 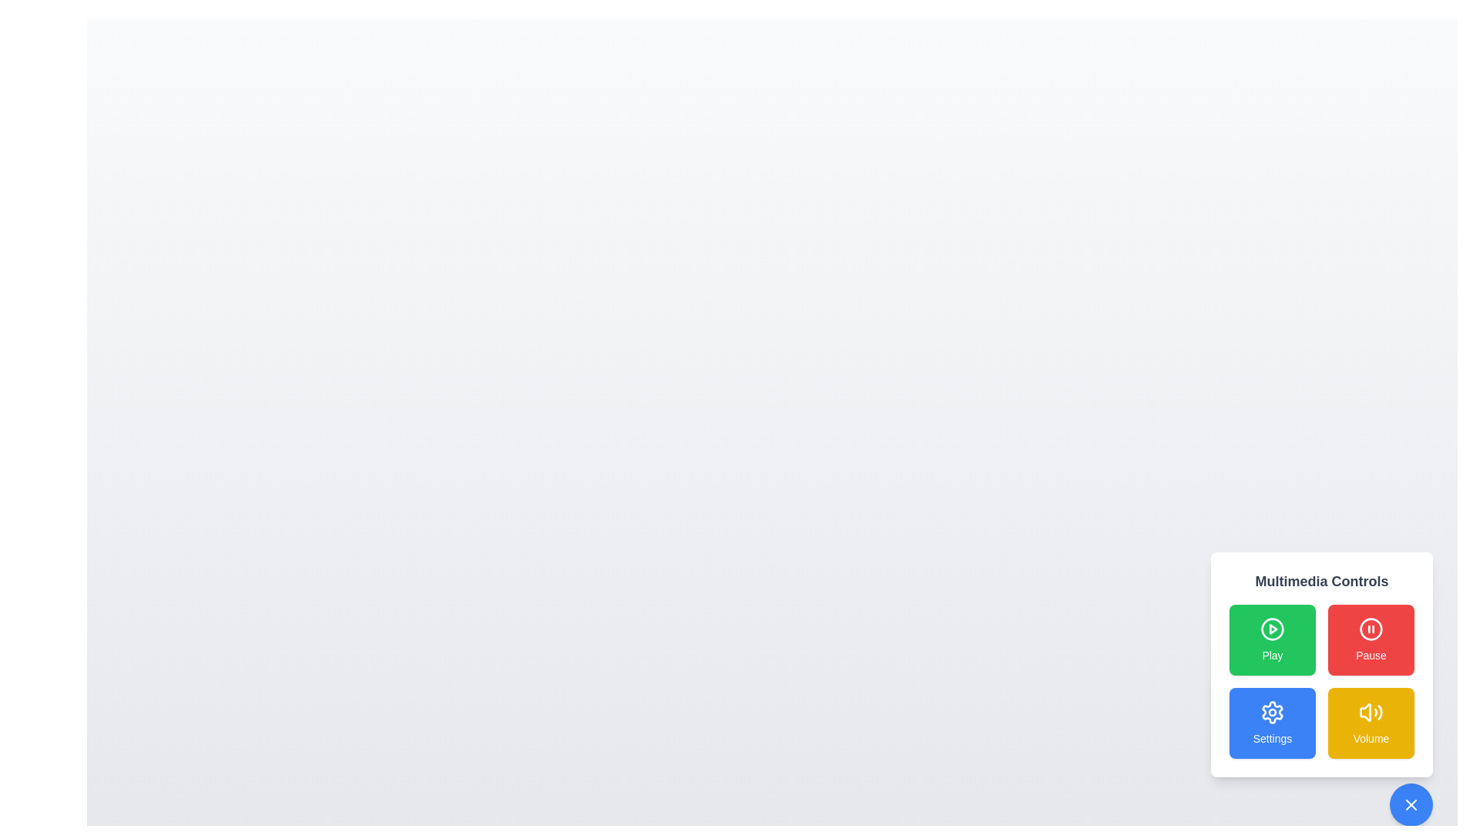 What do you see at coordinates (1371, 738) in the screenshot?
I see `the 'Volume' text label located in the bottom-right corner of the multimedia controls section, which is centered beneath the speaker icon` at bounding box center [1371, 738].